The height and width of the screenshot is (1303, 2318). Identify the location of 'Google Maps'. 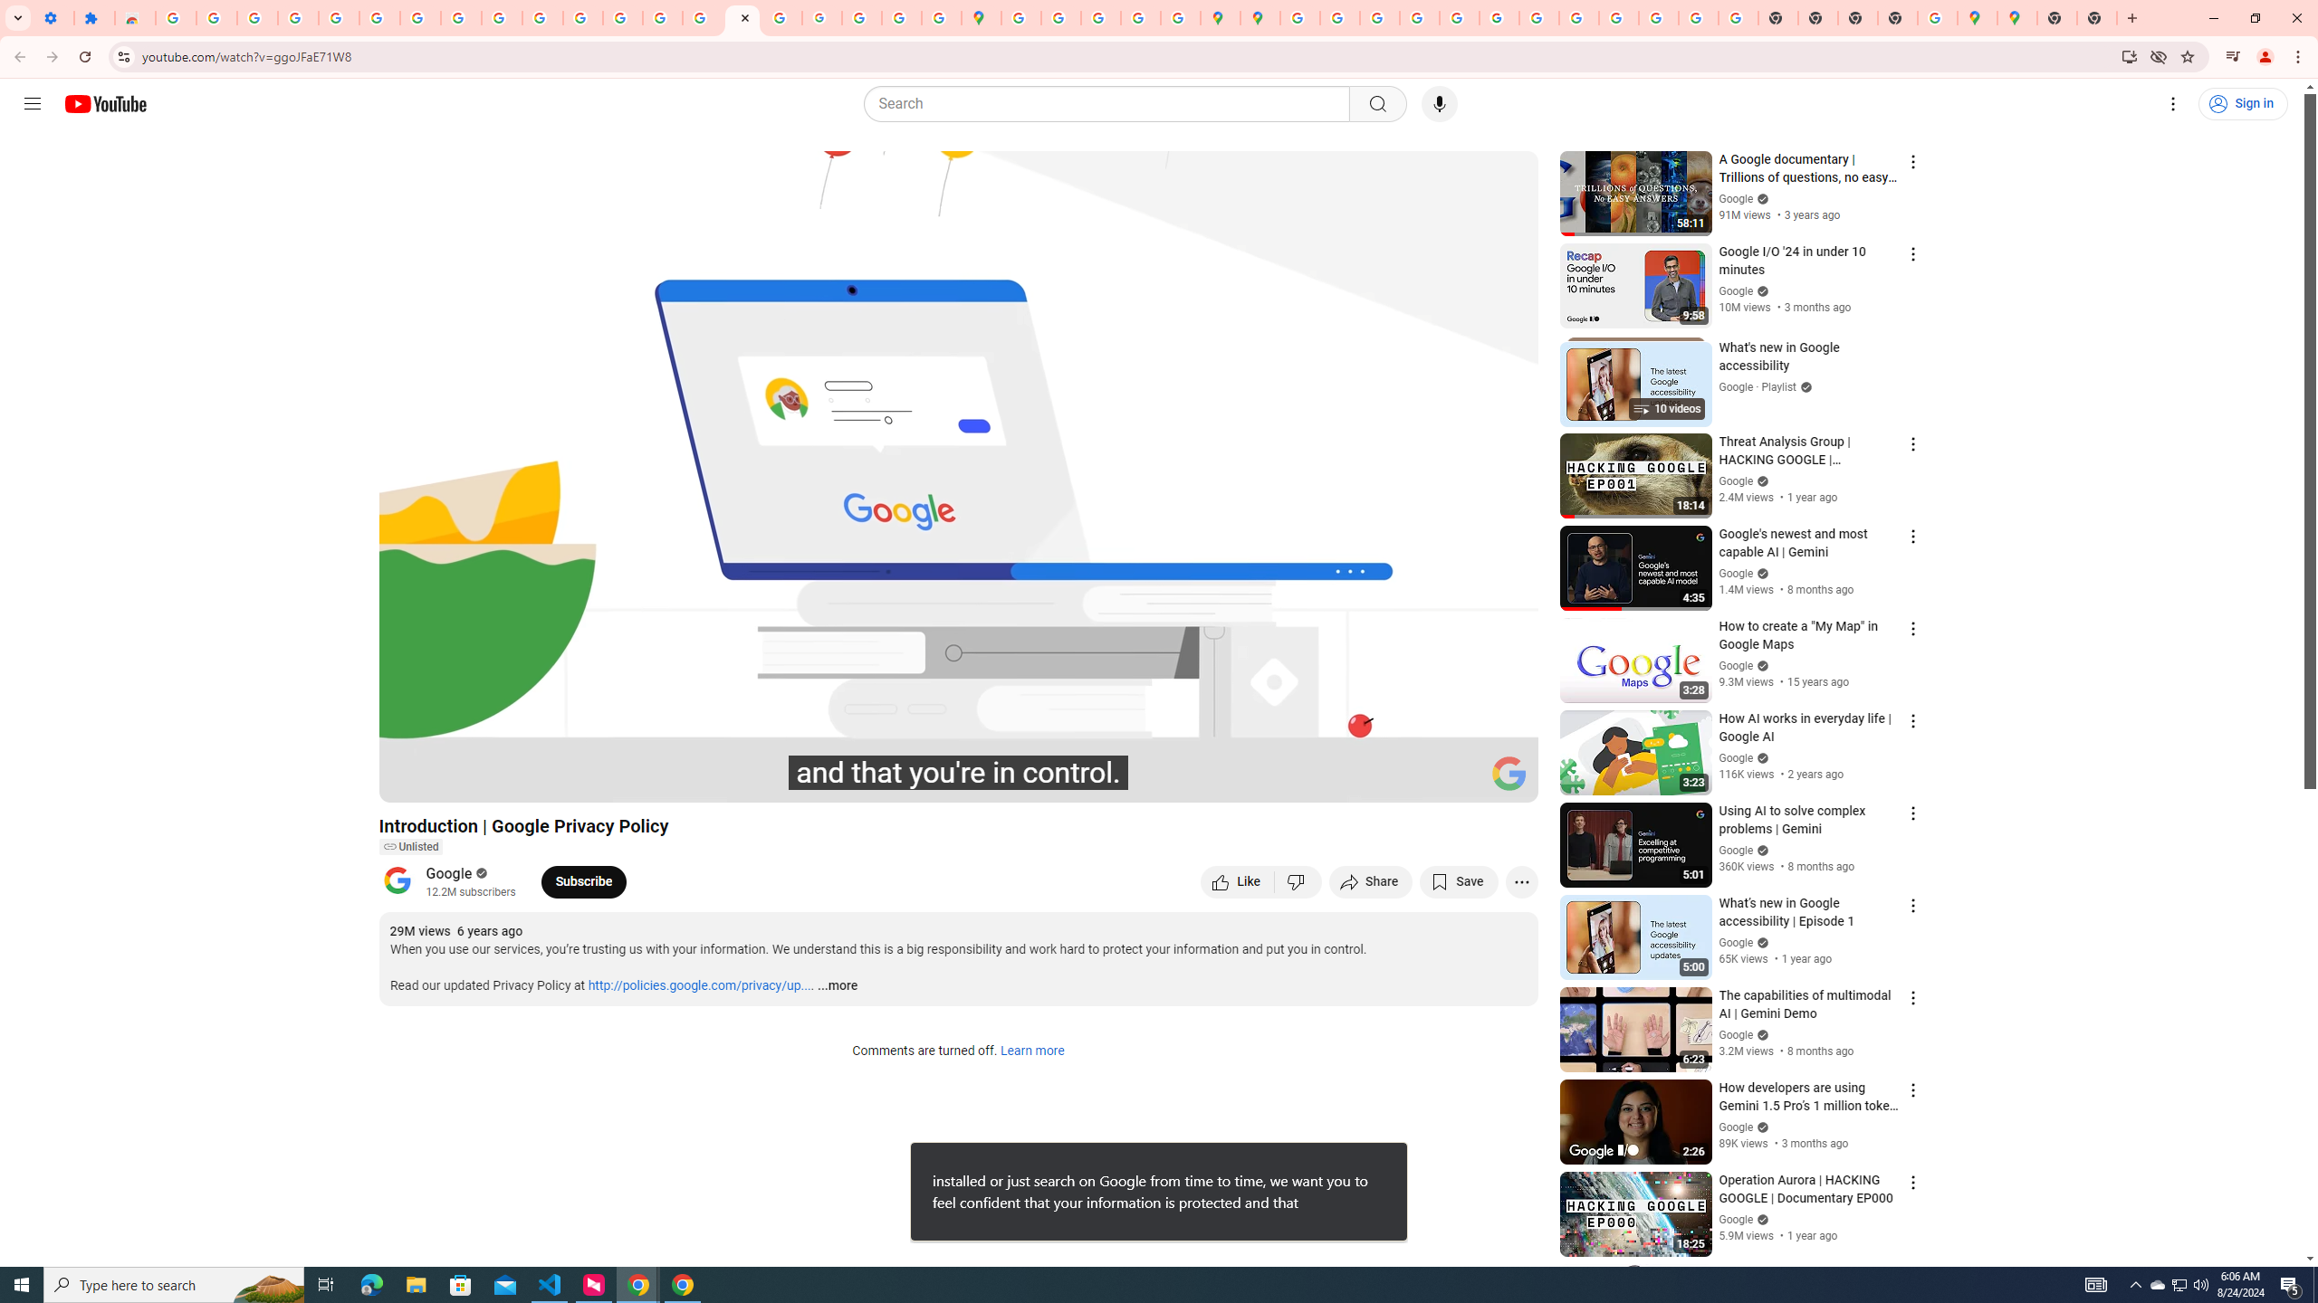
(1976, 17).